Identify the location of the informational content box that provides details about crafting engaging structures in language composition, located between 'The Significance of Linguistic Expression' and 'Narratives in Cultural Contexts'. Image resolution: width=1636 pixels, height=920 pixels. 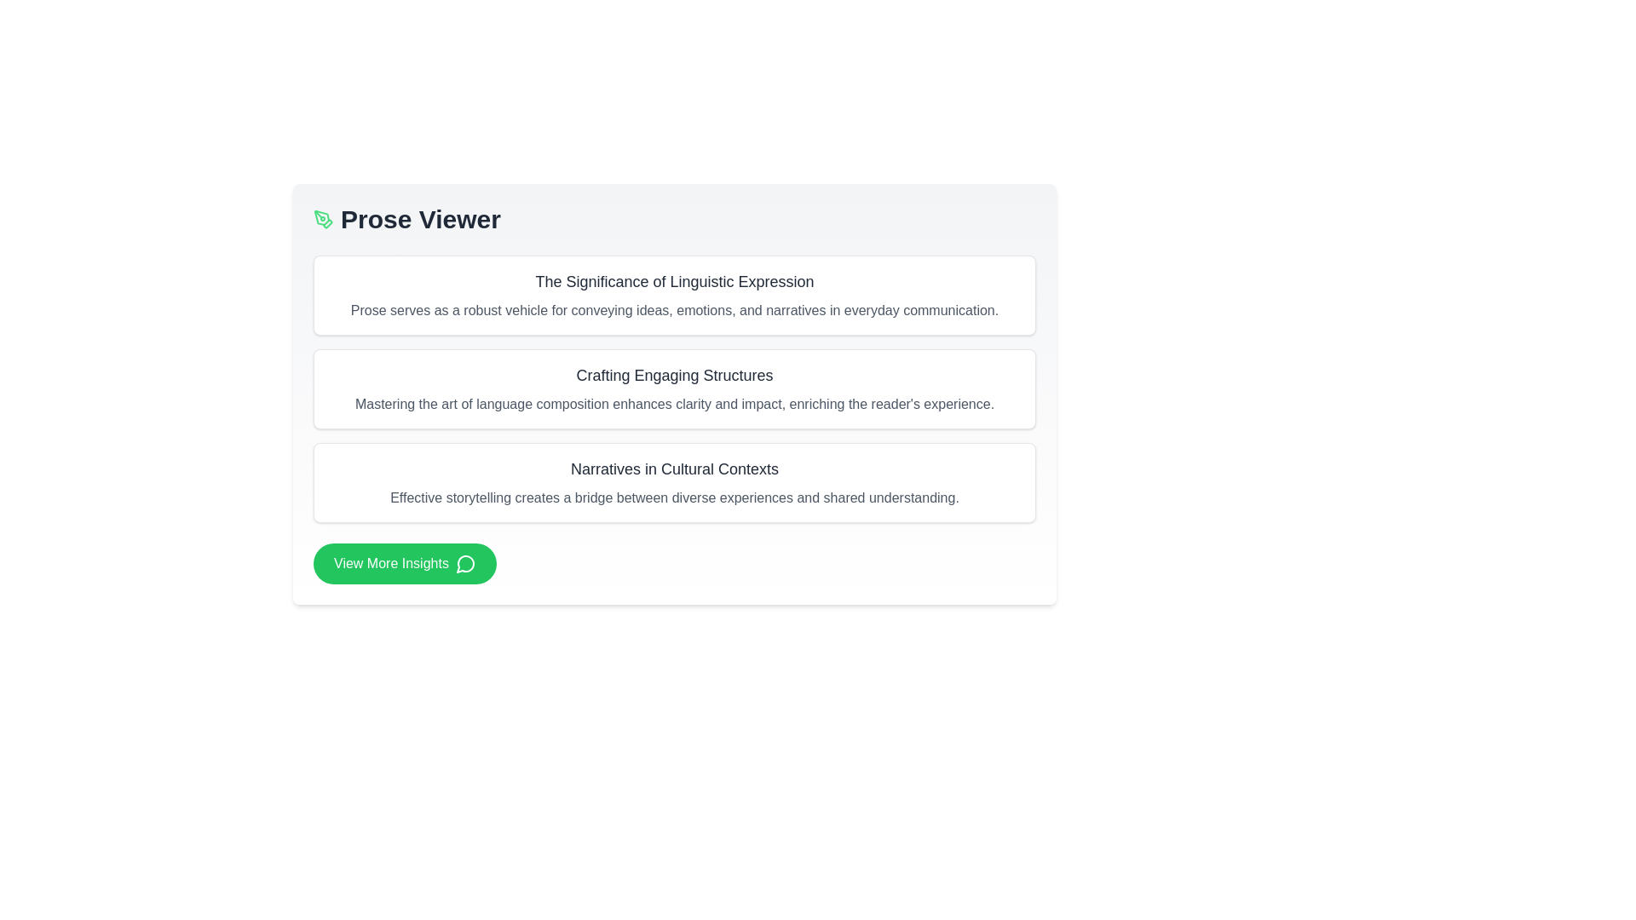
(674, 394).